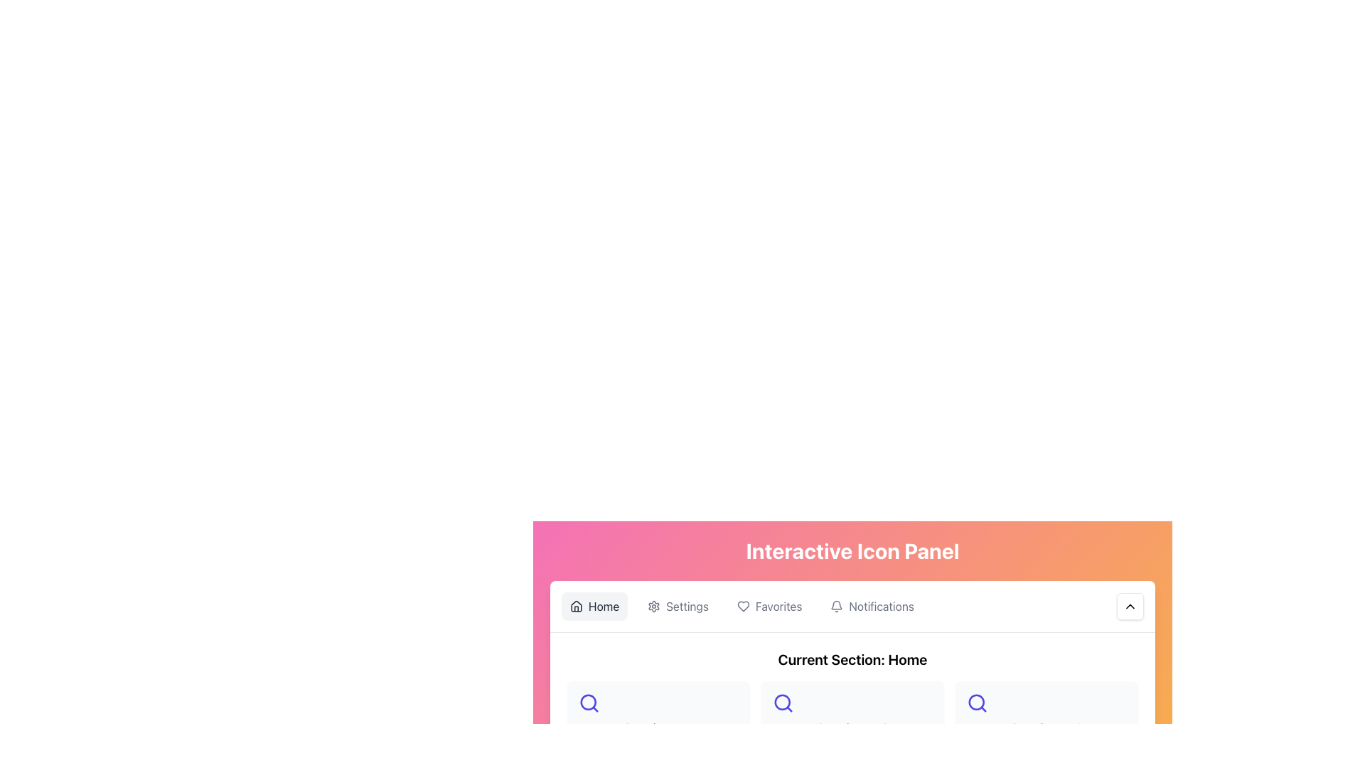 Image resolution: width=1365 pixels, height=768 pixels. I want to click on the 'Home' textual label, which is positioned to the right of a house icon within the navigation bar at the top of the page, so click(604, 606).